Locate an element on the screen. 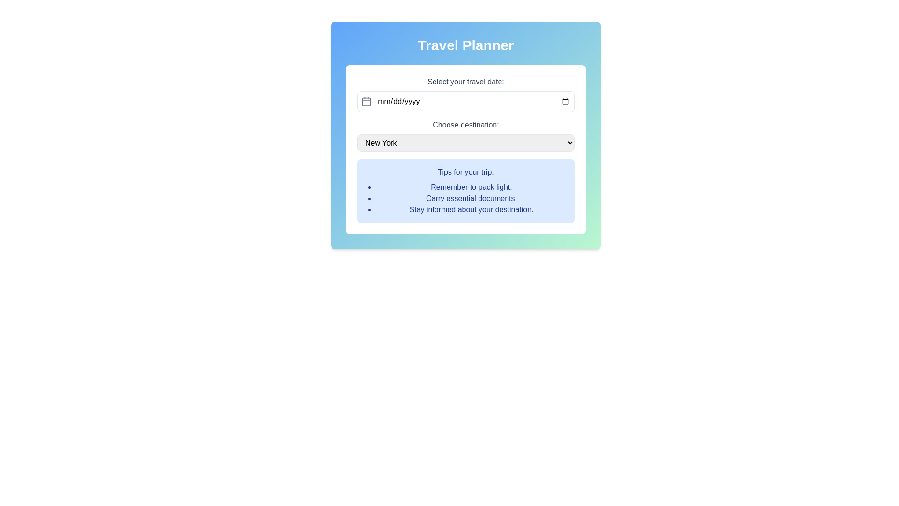 The width and height of the screenshot is (899, 506). tips provided in the bulleted list under the section titled 'Tips for your trip:' is located at coordinates (472, 198).